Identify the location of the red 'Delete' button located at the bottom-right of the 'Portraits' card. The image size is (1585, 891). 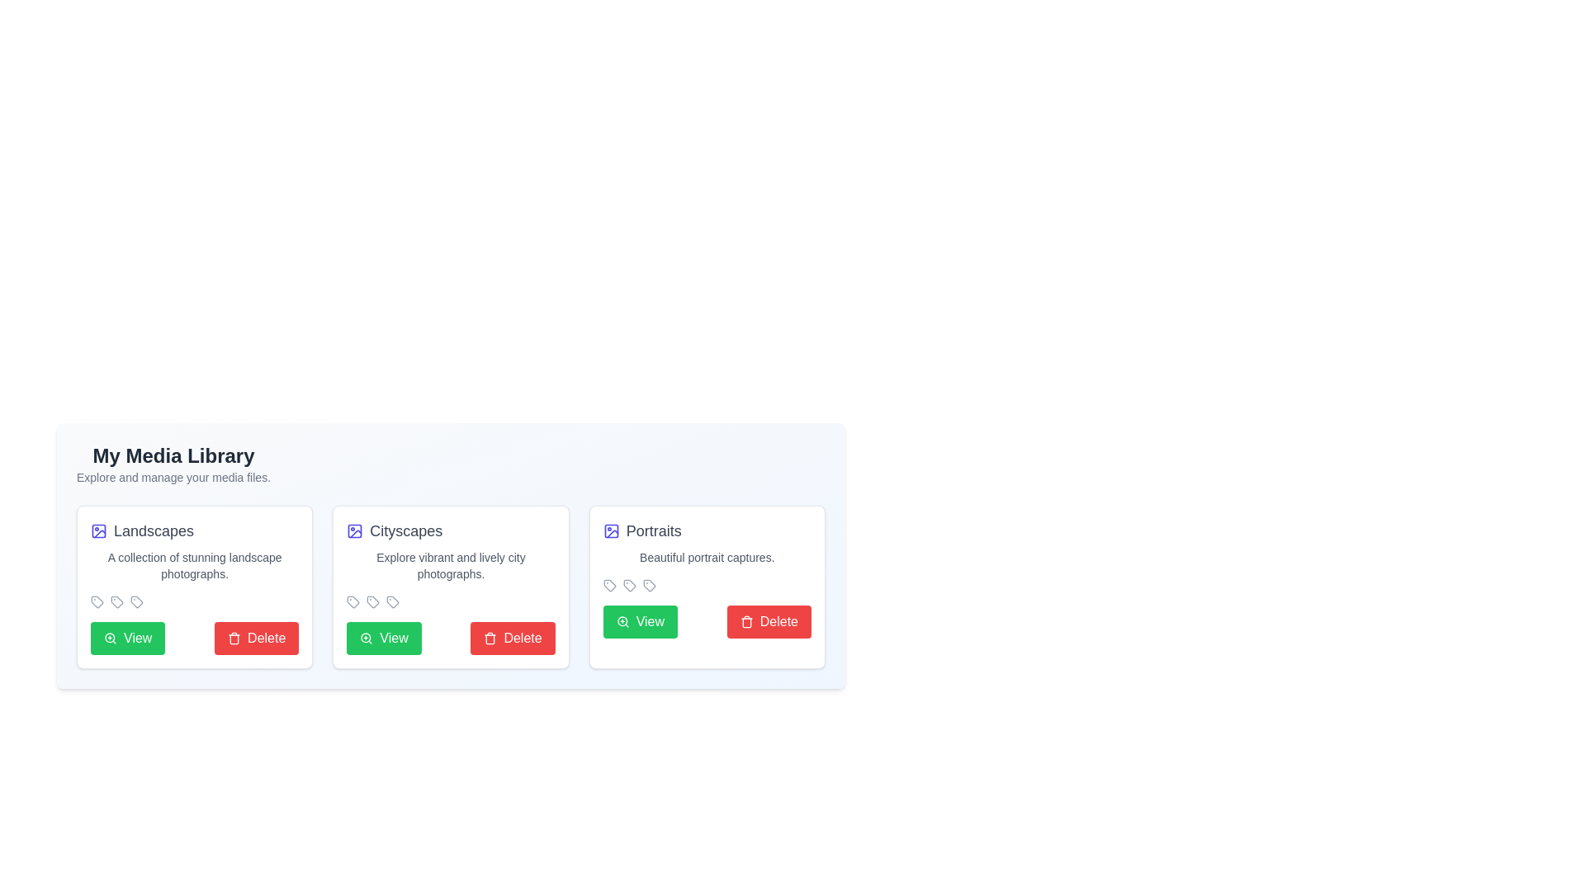
(778, 621).